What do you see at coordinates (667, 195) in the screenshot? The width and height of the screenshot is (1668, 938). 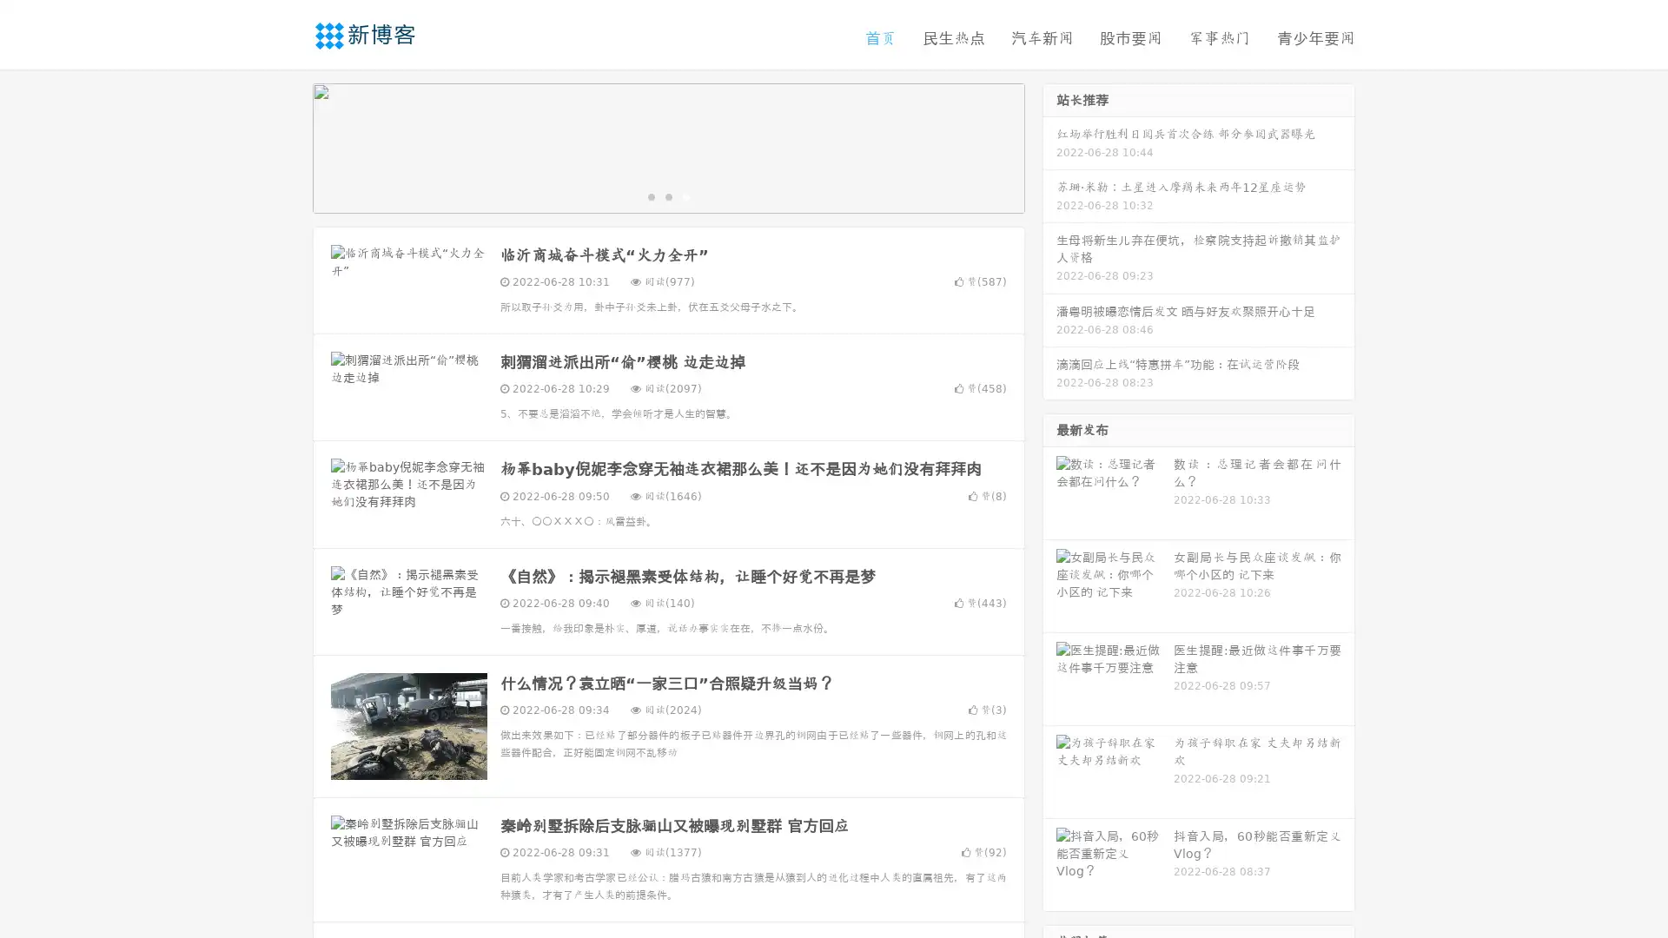 I see `Go to slide 2` at bounding box center [667, 195].